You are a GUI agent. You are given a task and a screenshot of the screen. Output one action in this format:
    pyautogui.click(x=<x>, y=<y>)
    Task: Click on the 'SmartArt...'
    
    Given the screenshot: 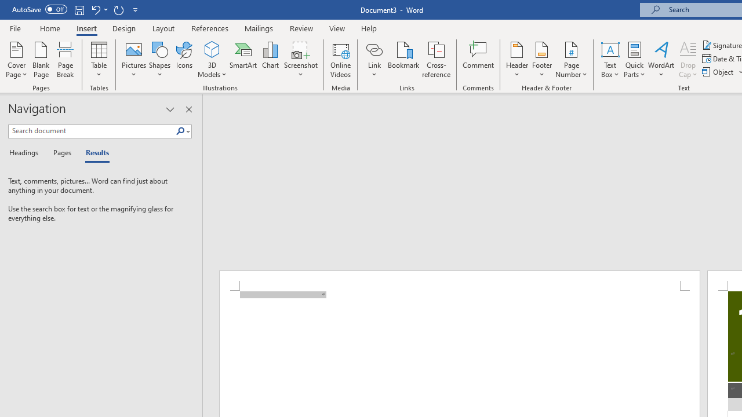 What is the action you would take?
    pyautogui.click(x=242, y=60)
    